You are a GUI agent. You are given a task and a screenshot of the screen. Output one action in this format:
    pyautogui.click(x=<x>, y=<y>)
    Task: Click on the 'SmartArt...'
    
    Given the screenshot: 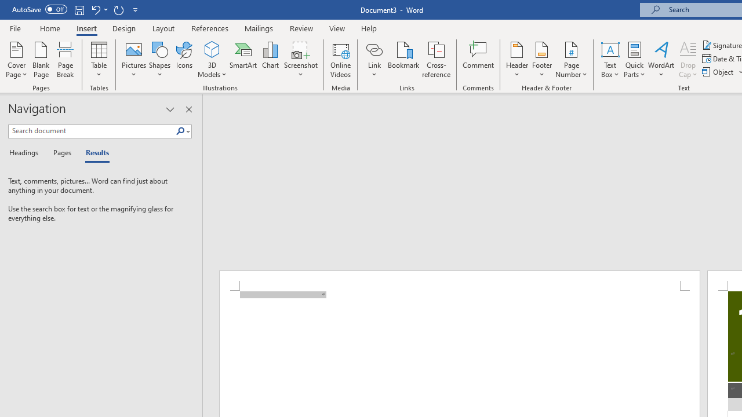 What is the action you would take?
    pyautogui.click(x=242, y=60)
    